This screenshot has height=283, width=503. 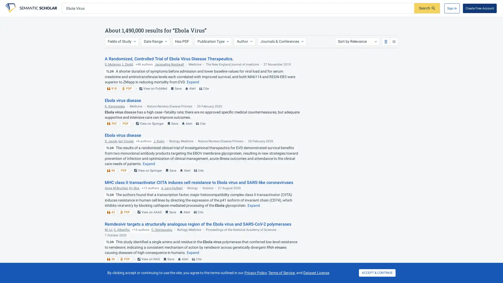 I want to click on Cite this paper, so click(x=204, y=88).